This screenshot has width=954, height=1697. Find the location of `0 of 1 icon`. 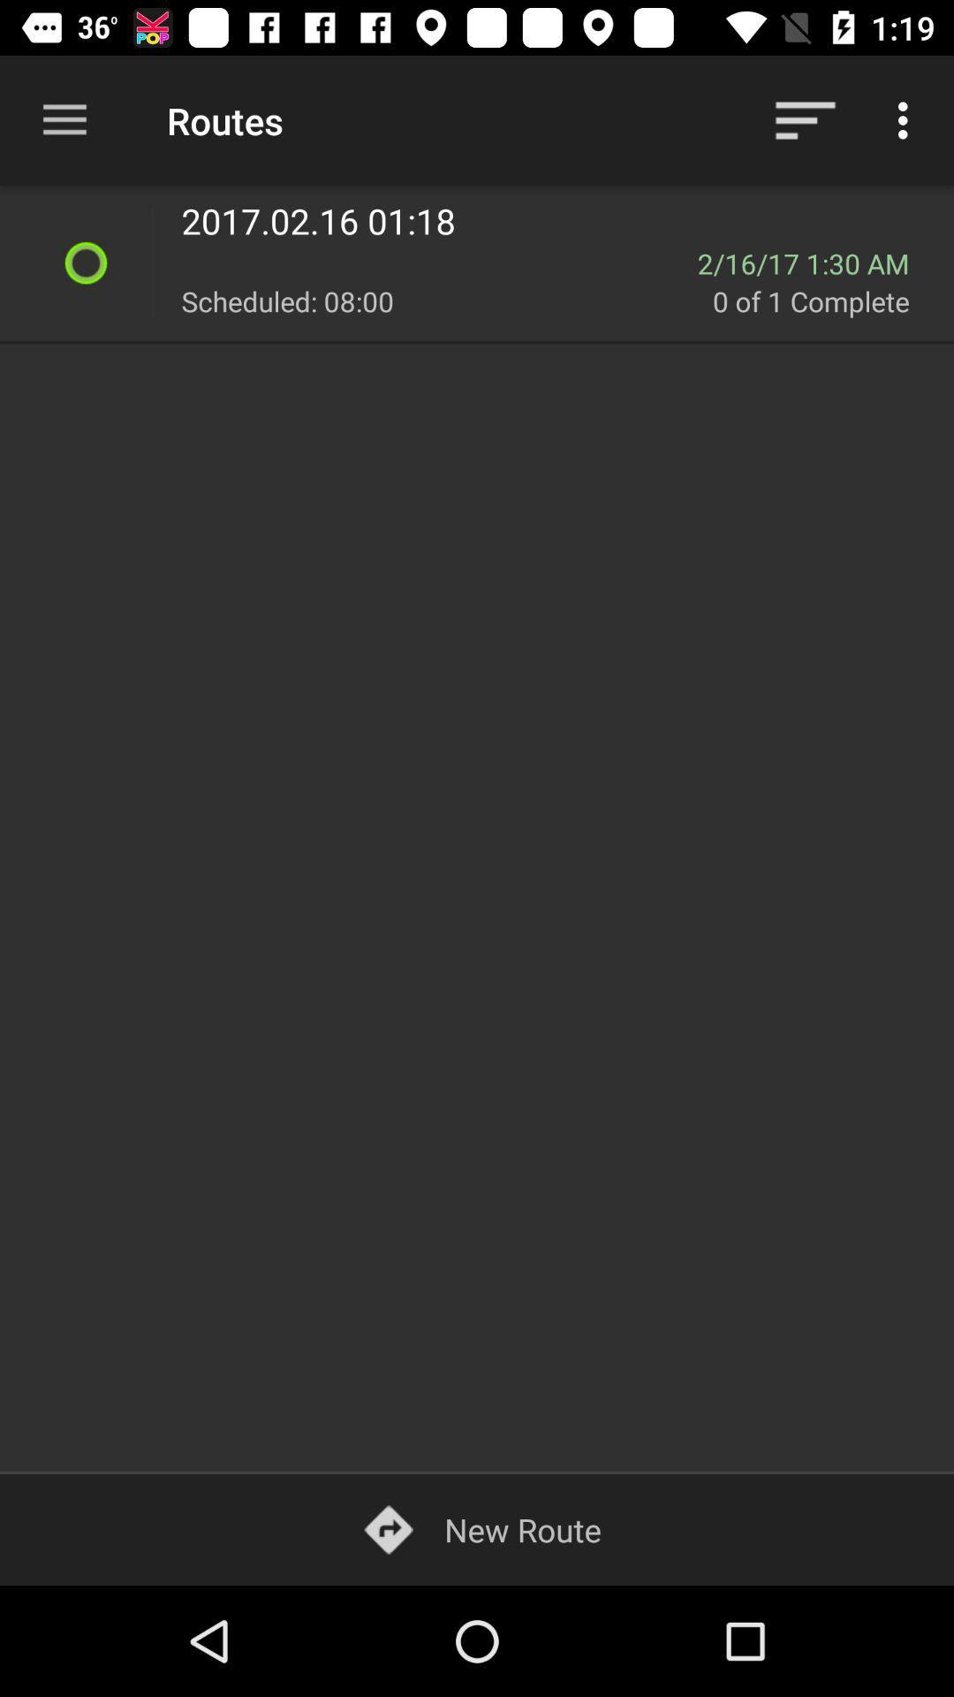

0 of 1 icon is located at coordinates (822, 301).